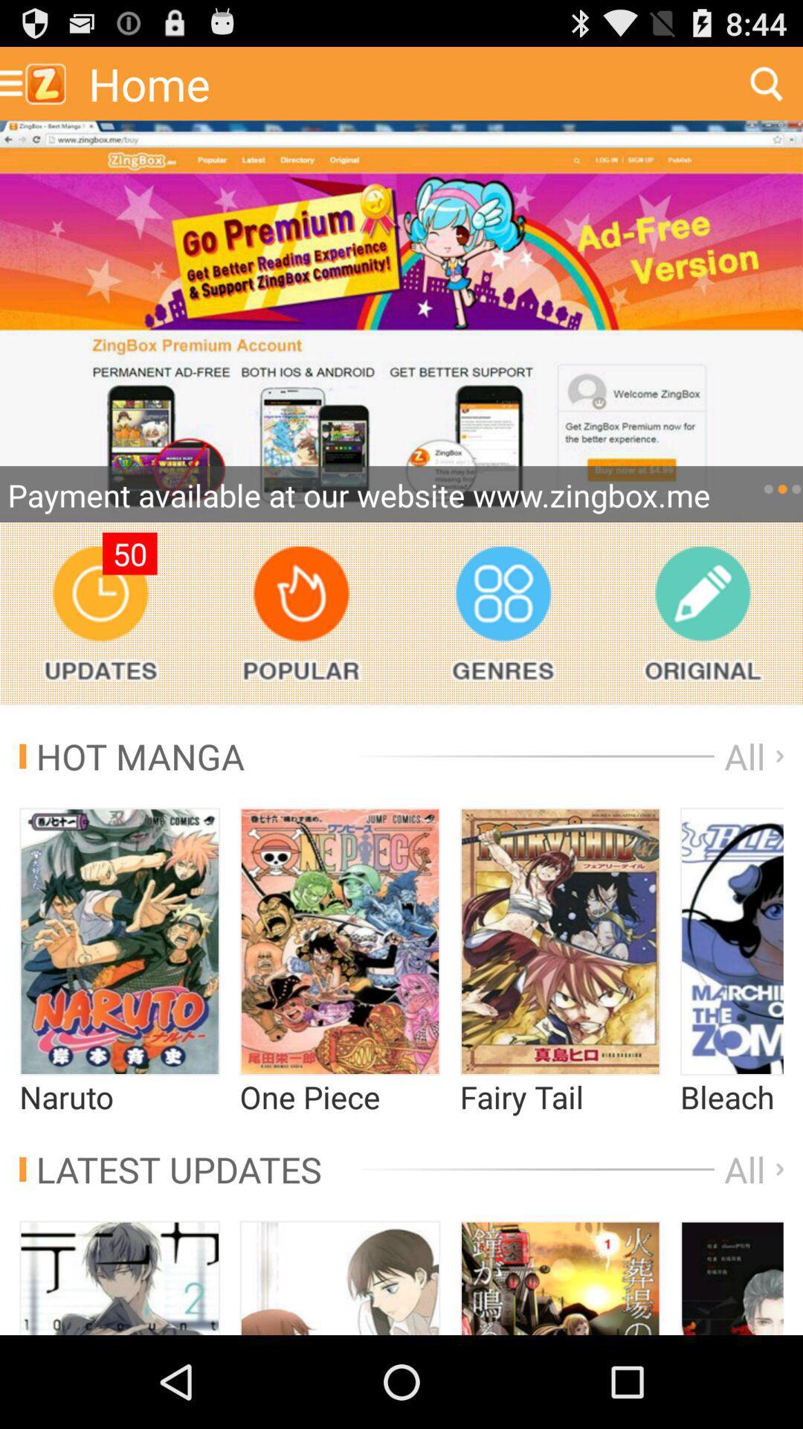  Describe the element at coordinates (119, 941) in the screenshot. I see `open manga option` at that location.